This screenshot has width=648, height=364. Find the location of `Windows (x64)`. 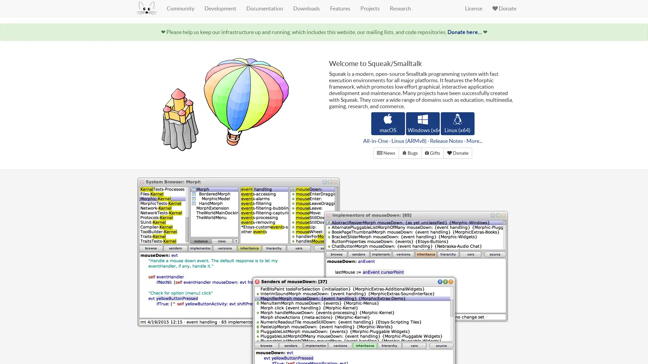

Windows (x64) is located at coordinates (422, 123).